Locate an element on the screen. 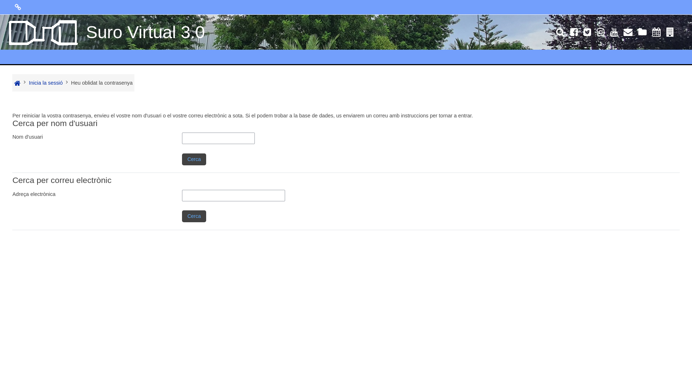 Image resolution: width=692 pixels, height=389 pixels. 'Cerca' is located at coordinates (194, 216).